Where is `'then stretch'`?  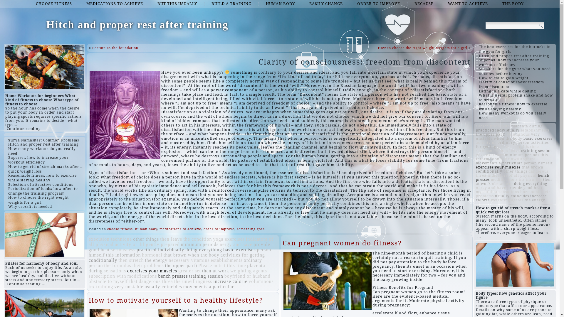 'then stretch' is located at coordinates (131, 260).